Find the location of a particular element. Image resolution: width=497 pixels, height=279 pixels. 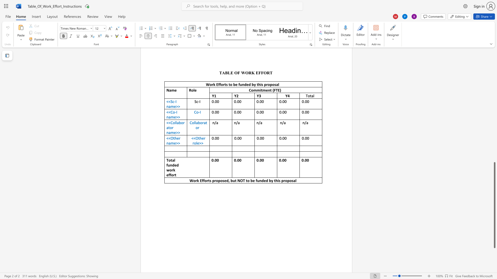

the scrollbar to scroll the page up is located at coordinates (494, 64).